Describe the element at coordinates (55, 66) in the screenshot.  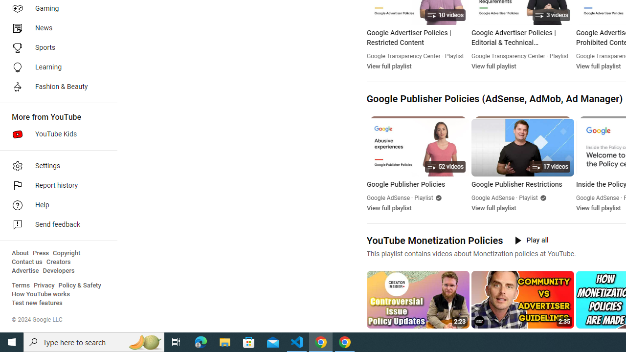
I see `'Learning'` at that location.